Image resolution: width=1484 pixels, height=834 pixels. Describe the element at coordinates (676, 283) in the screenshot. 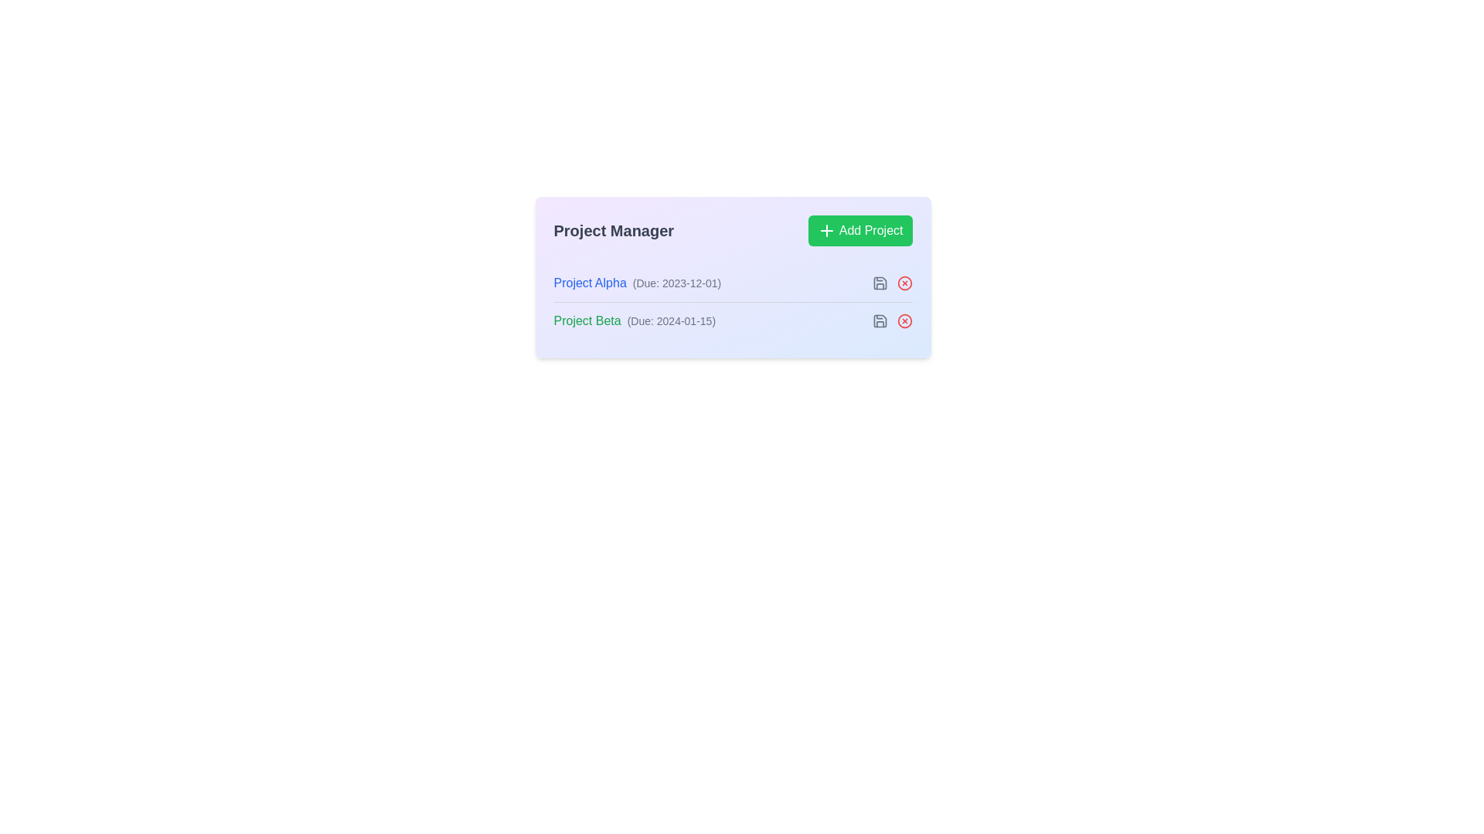

I see `the static text label that provides the due date for 'Project Alpha' in the 'Project Manager' section` at that location.